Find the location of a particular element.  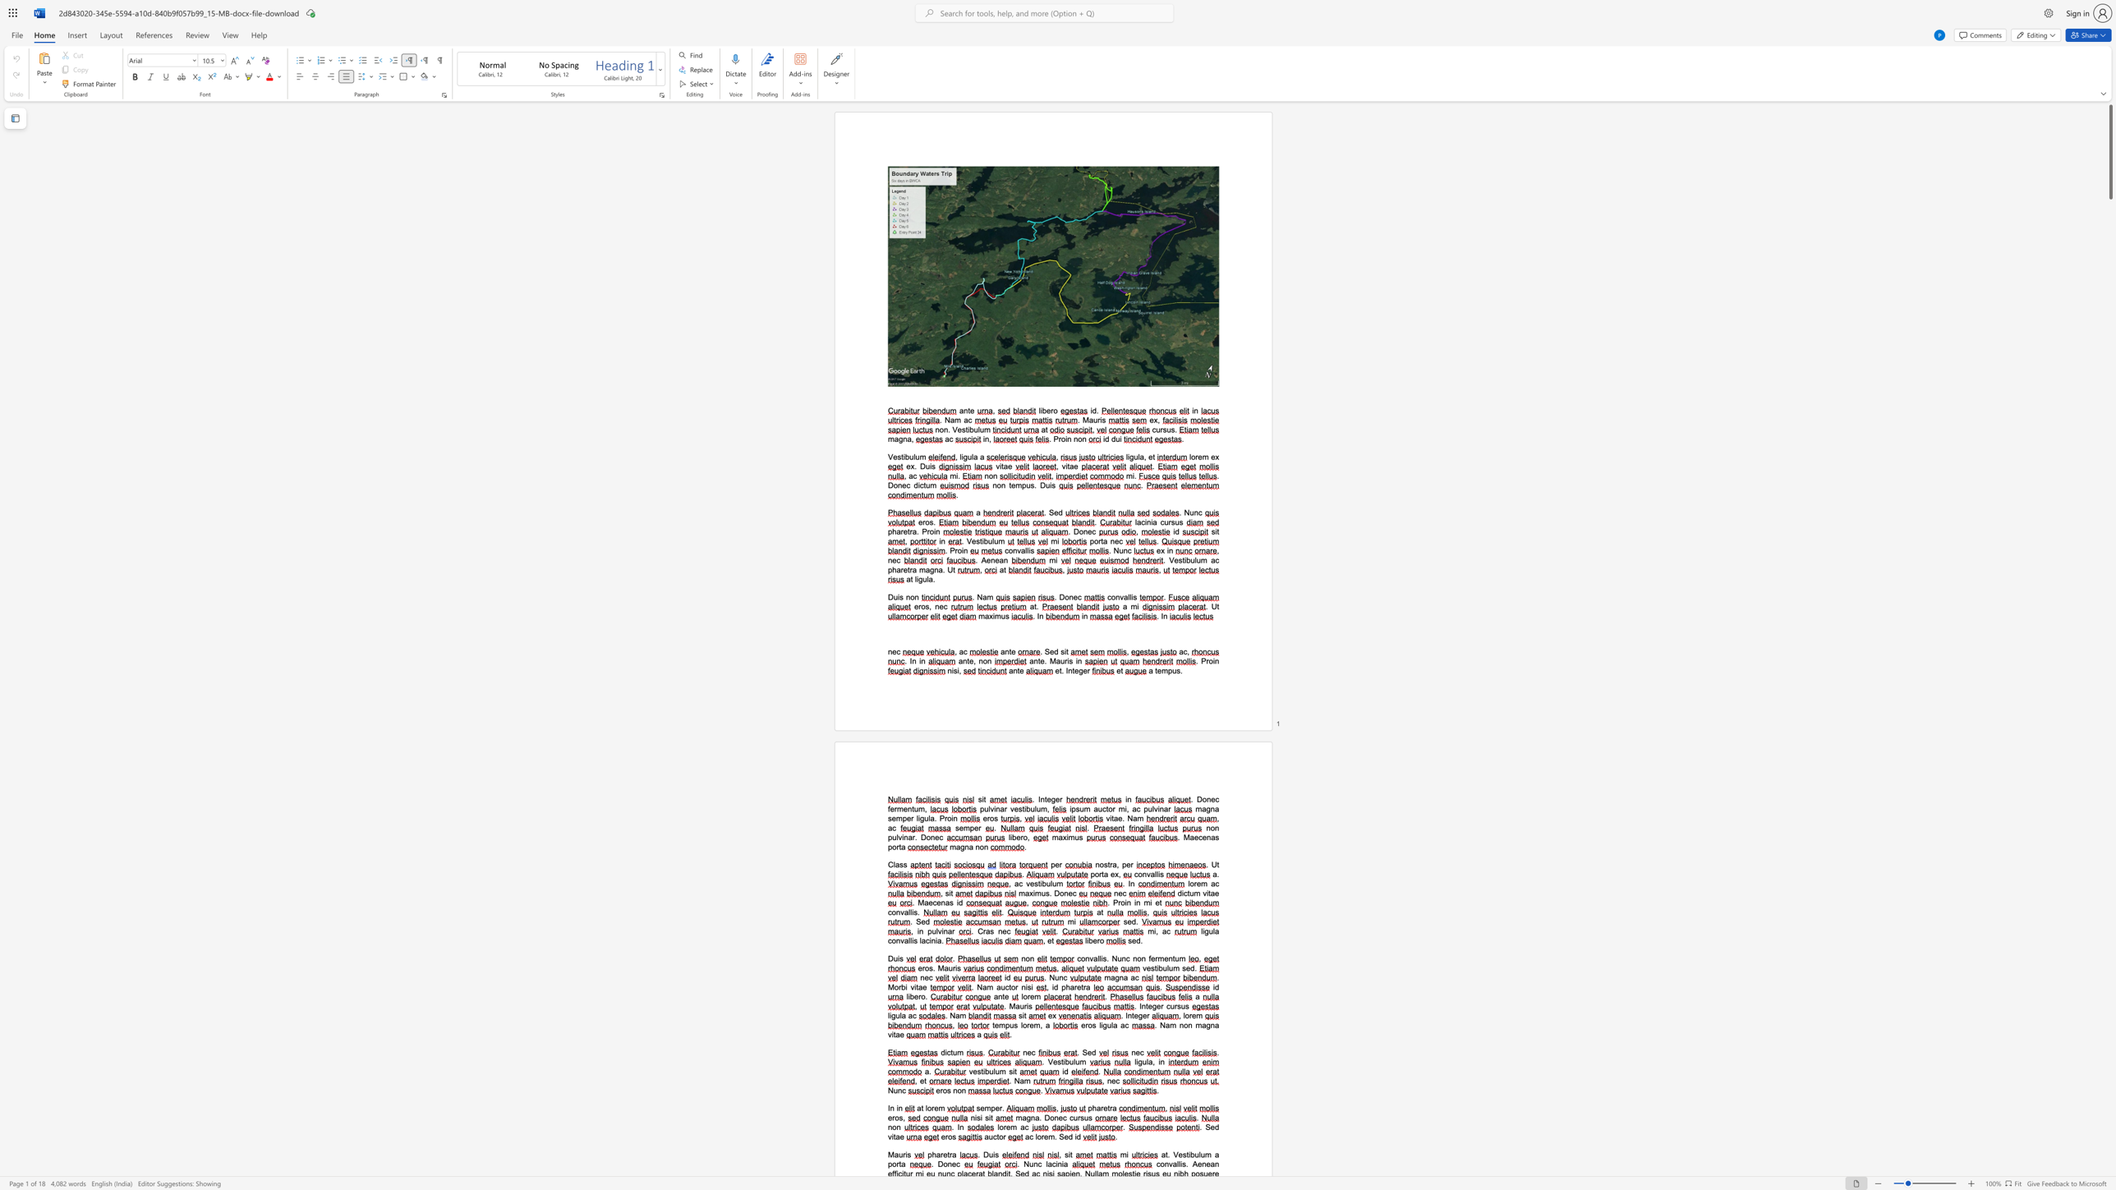

the space between the continuous character "a" and "s" in the text is located at coordinates (989, 930).